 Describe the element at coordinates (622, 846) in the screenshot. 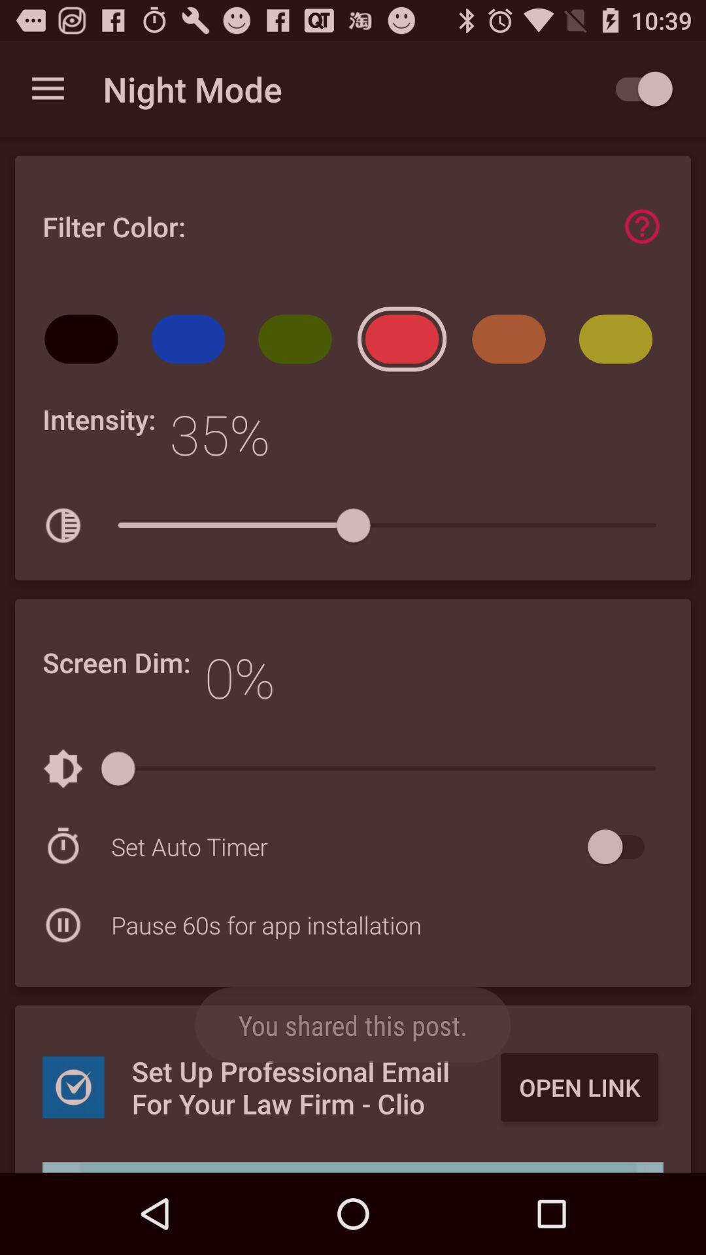

I see `set auto timer on/off` at that location.